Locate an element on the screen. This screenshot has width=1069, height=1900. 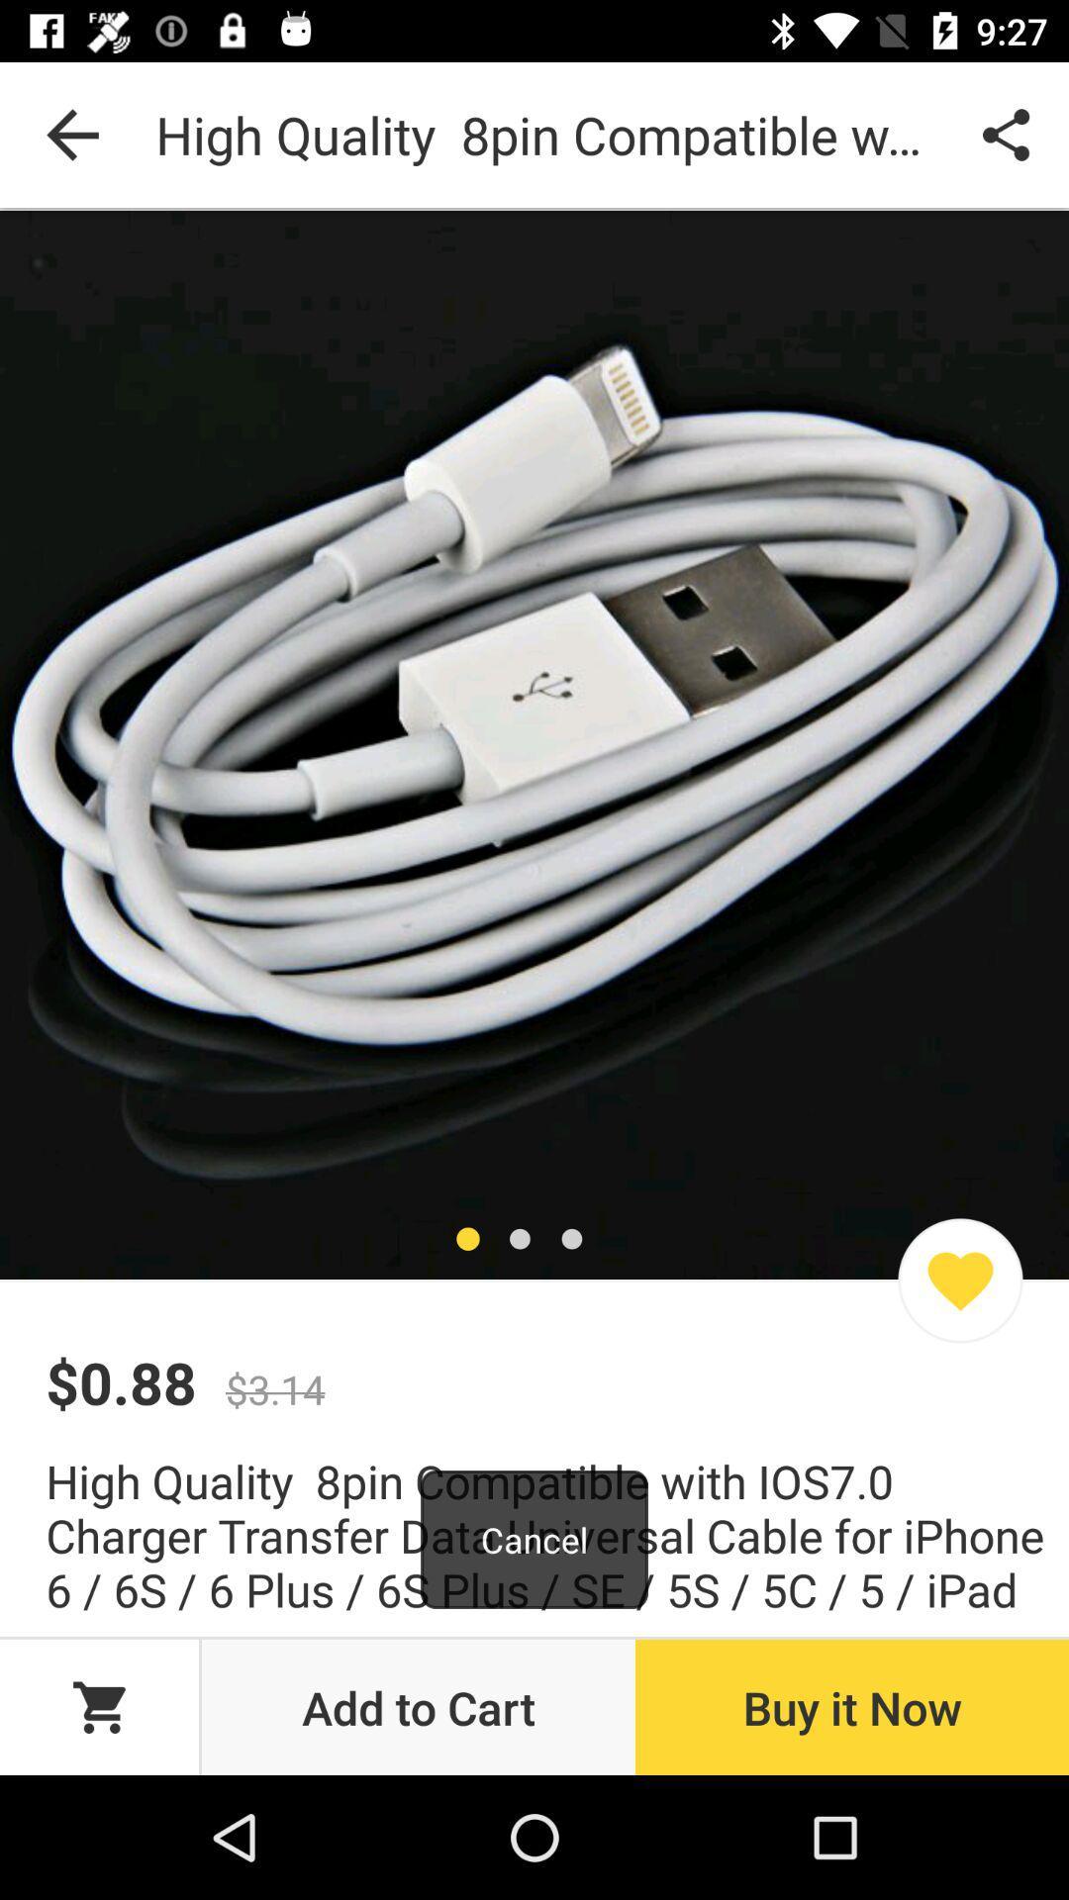
the cart icon is located at coordinates (99, 1706).